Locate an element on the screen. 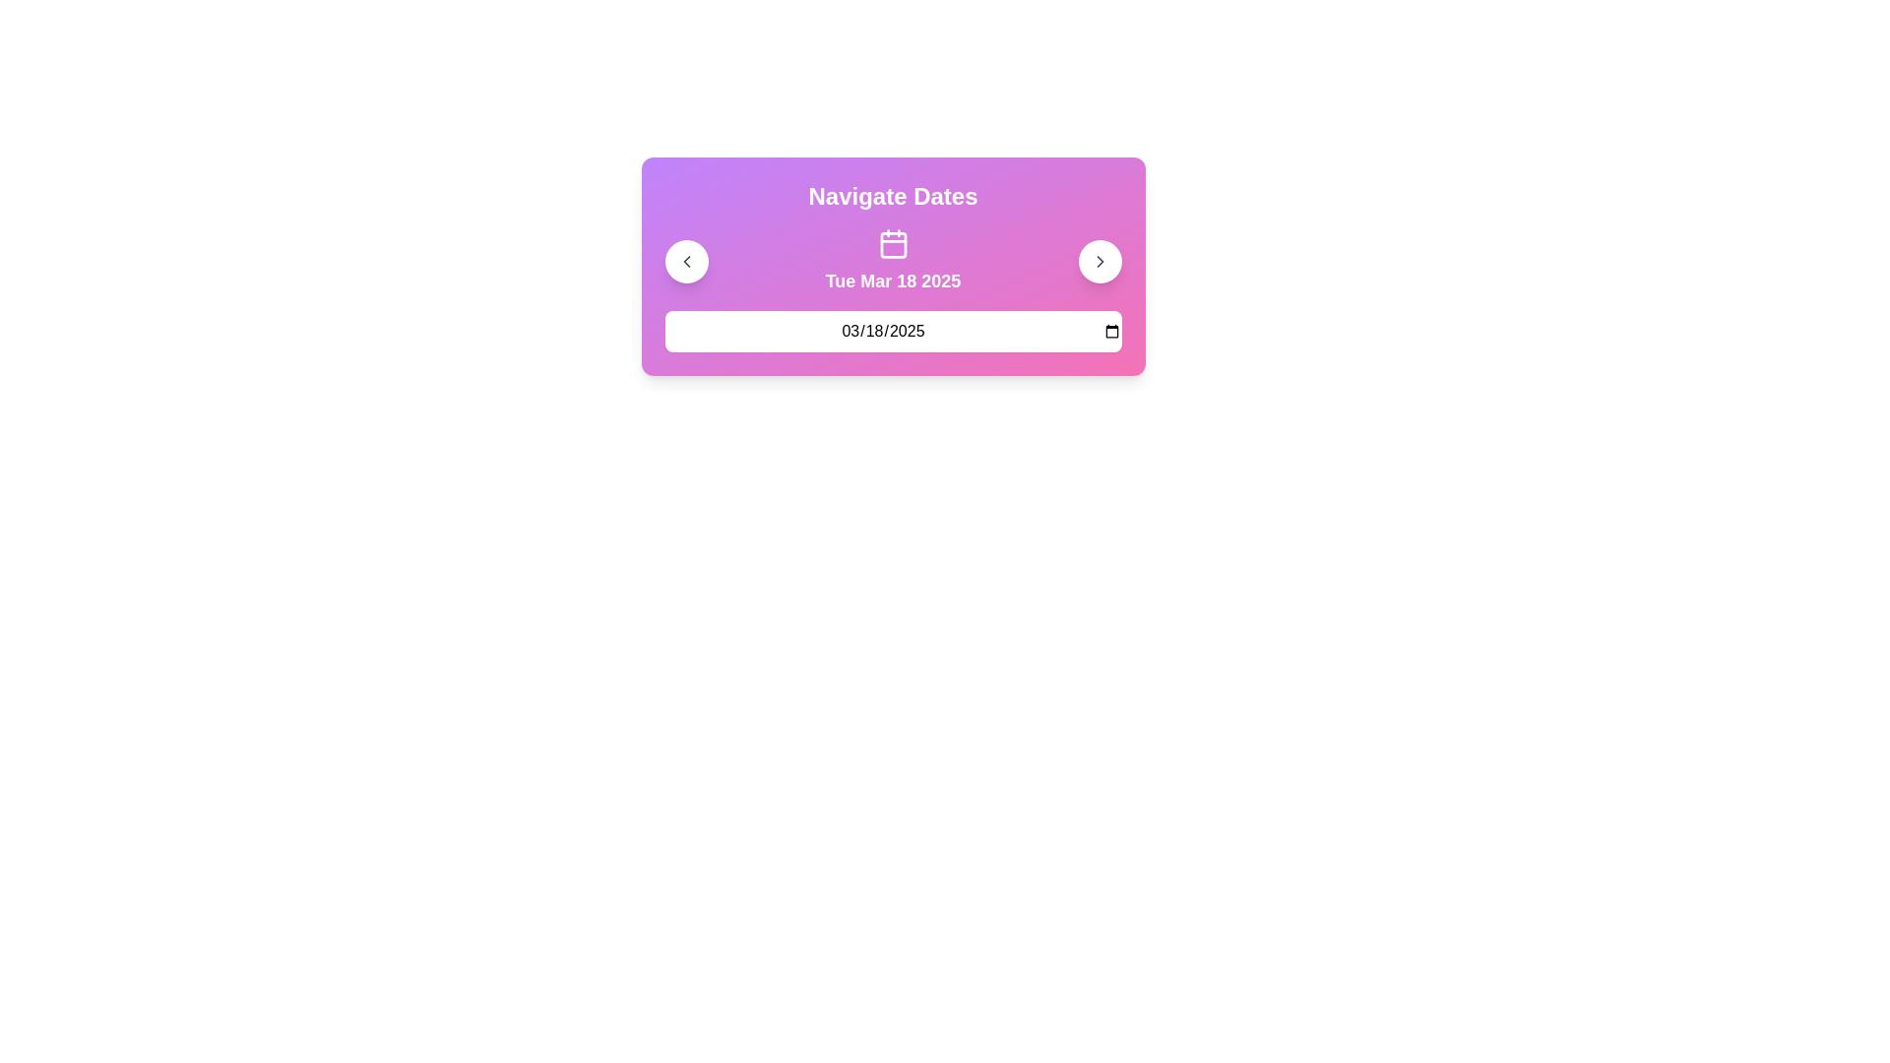 Image resolution: width=1890 pixels, height=1063 pixels. the button located at the upper-right side of the date navigation component is located at coordinates (1099, 261).